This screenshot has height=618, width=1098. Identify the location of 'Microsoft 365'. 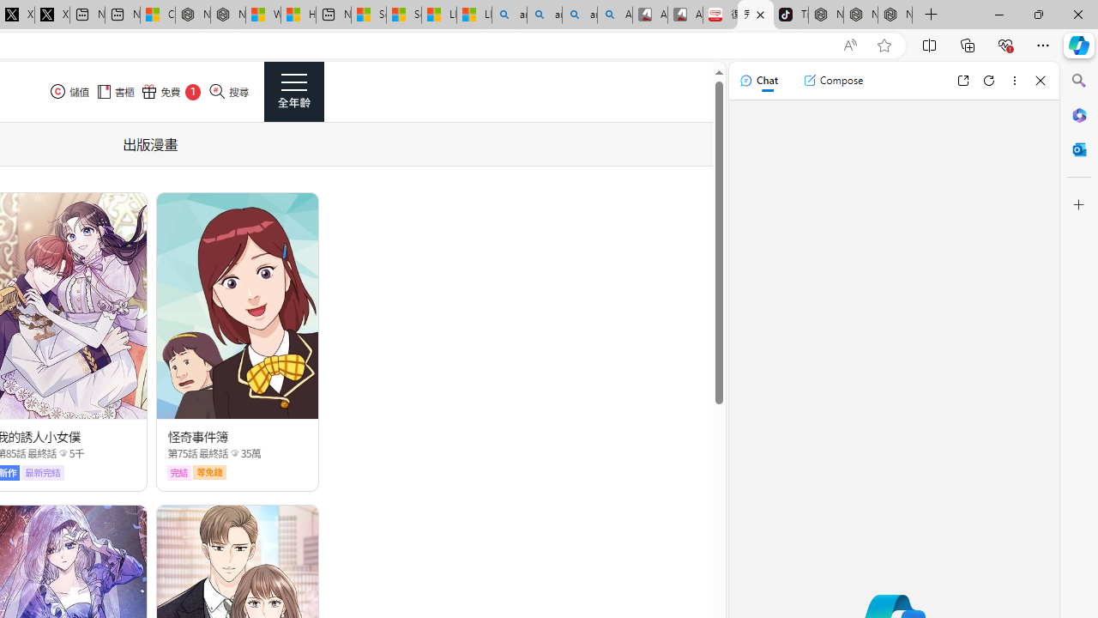
(1078, 114).